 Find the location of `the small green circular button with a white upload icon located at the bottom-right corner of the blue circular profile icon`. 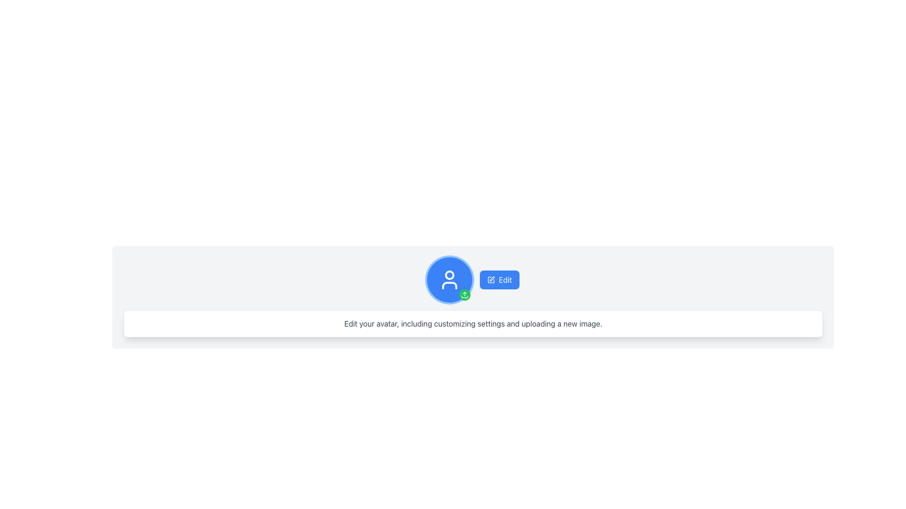

the small green circular button with a white upload icon located at the bottom-right corner of the blue circular profile icon is located at coordinates (465, 294).